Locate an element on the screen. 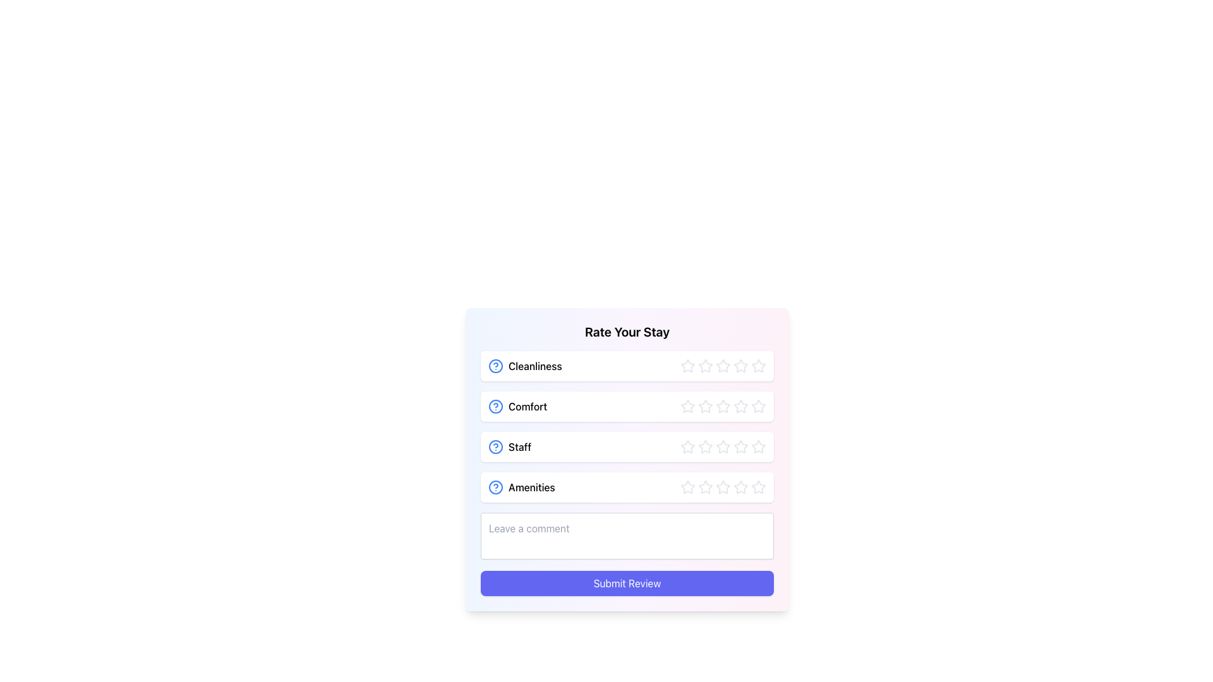  the fourth star in the rating interface is located at coordinates (723, 486).